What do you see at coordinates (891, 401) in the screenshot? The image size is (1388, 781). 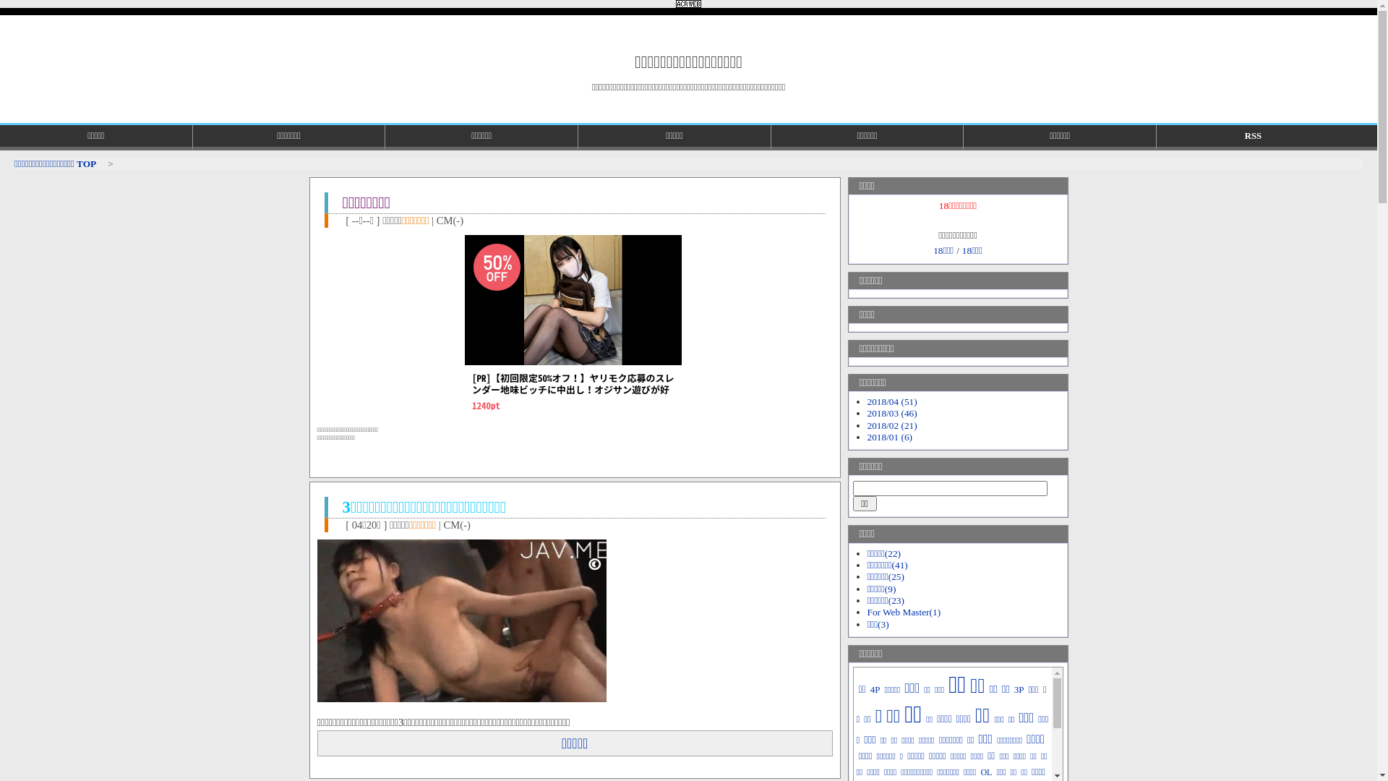 I see `'2018/04 (51)'` at bounding box center [891, 401].